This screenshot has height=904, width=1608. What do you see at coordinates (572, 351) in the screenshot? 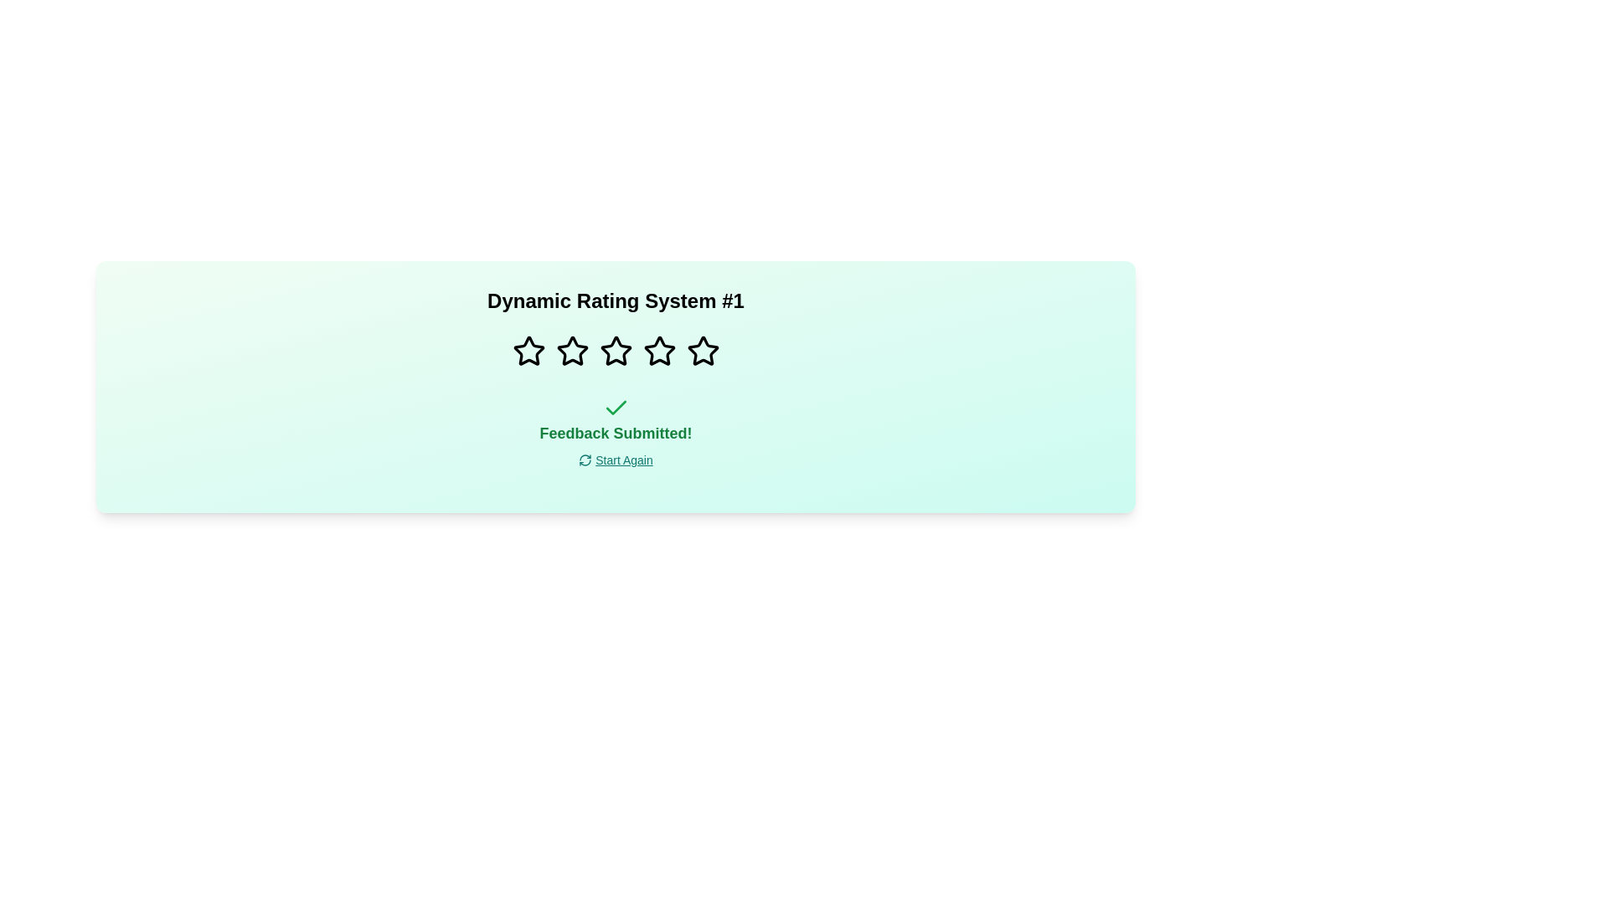
I see `the second star from the rating star button group` at bounding box center [572, 351].